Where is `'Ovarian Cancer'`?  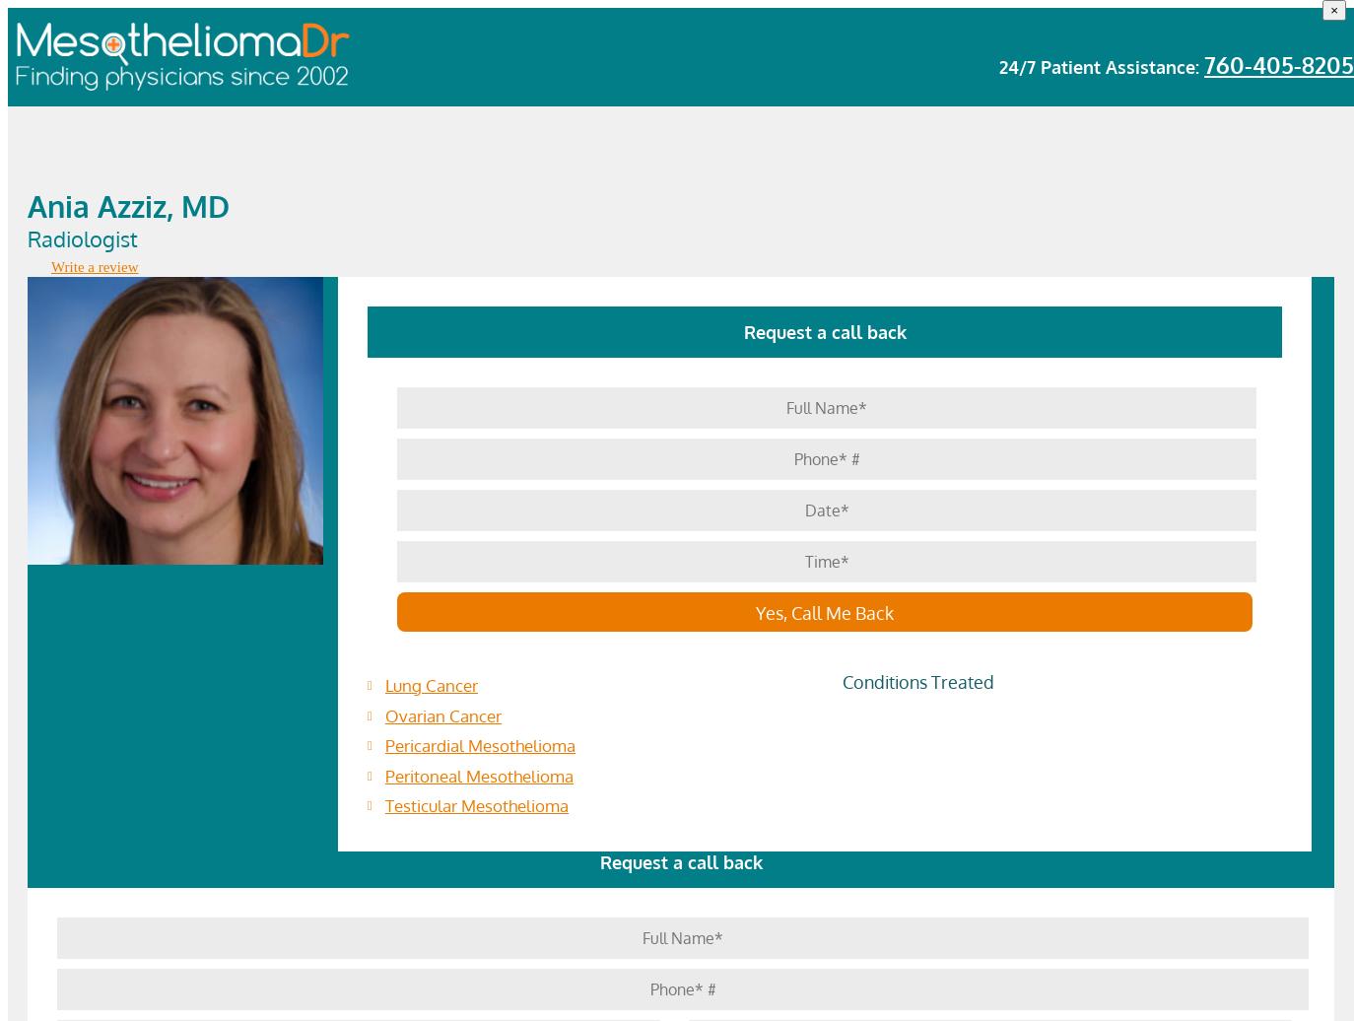 'Ovarian Cancer' is located at coordinates (442, 715).